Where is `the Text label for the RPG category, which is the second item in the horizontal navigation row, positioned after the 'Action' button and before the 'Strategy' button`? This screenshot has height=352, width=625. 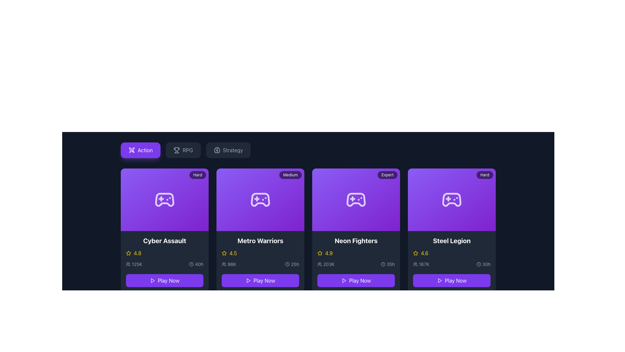 the Text label for the RPG category, which is the second item in the horizontal navigation row, positioned after the 'Action' button and before the 'Strategy' button is located at coordinates (187, 150).